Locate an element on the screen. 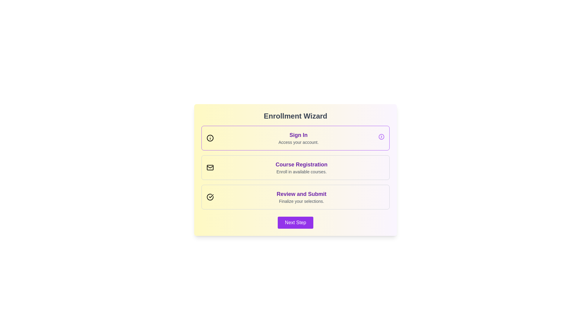 This screenshot has width=579, height=325. the circular checkmark icon located in the 'Review and Submit' section, which is aligned to the left side of the text 'Finalize your selections.' is located at coordinates (210, 197).